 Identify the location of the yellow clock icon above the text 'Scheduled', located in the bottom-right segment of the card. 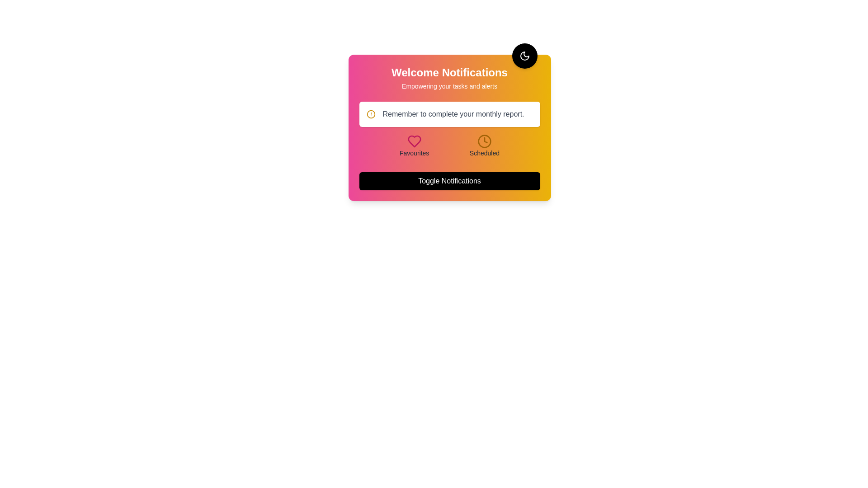
(484, 141).